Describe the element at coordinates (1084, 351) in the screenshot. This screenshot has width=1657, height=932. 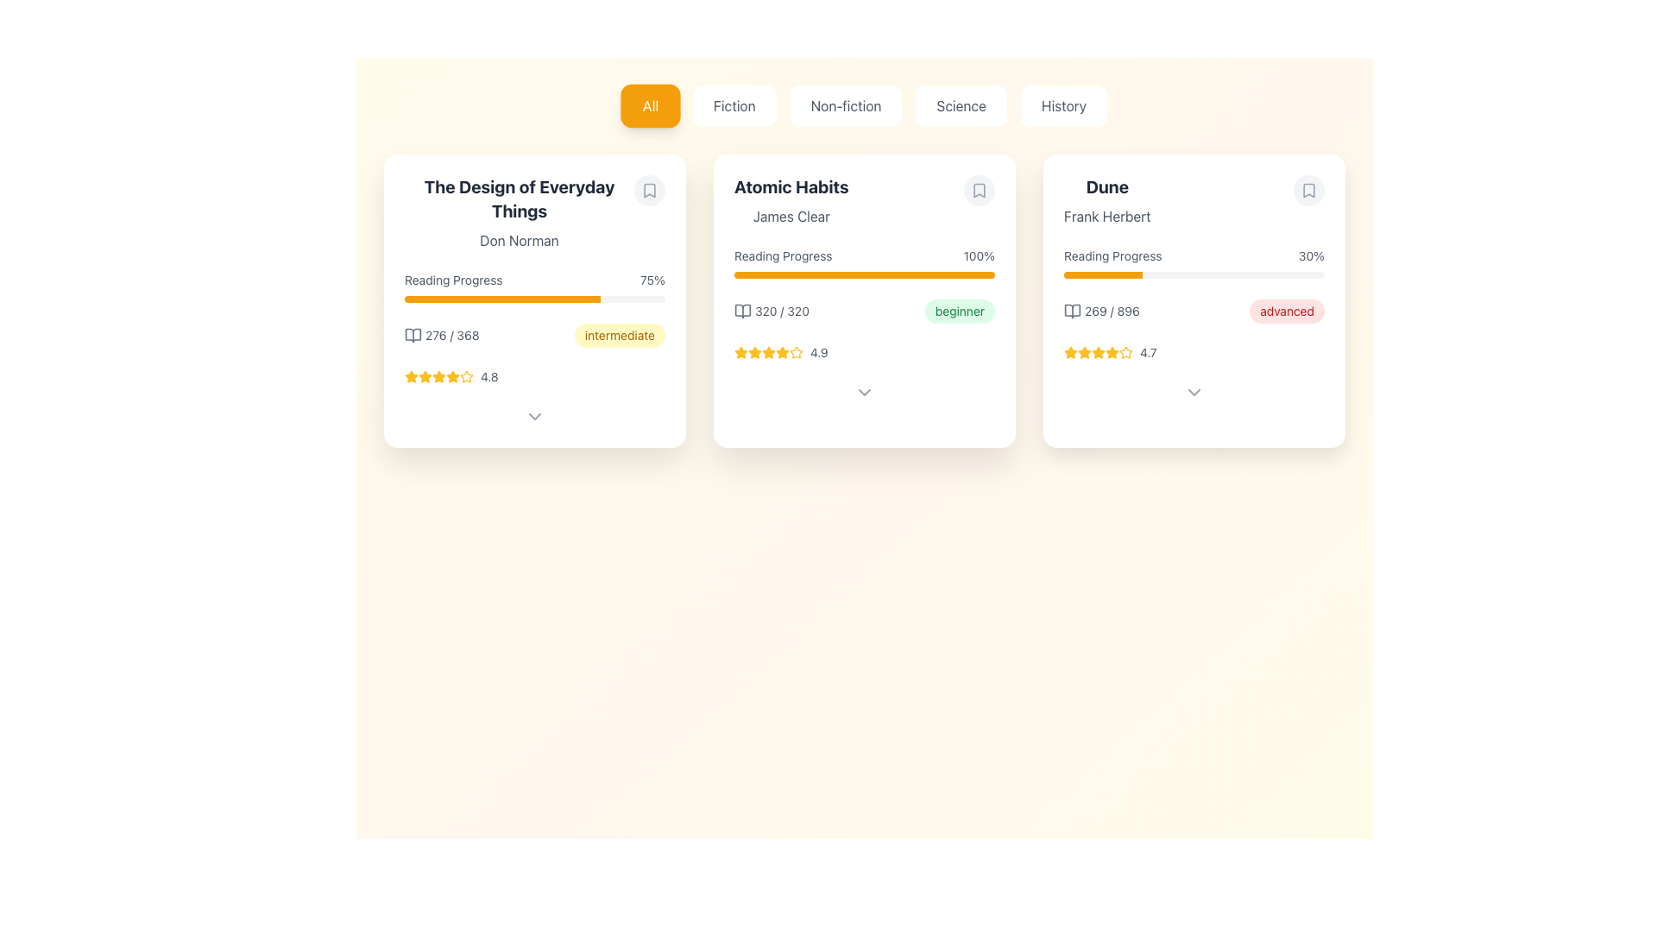
I see `the third filled rating star icon in the rating section of the 'Dune' card, which is the third card in a row of five stars` at that location.